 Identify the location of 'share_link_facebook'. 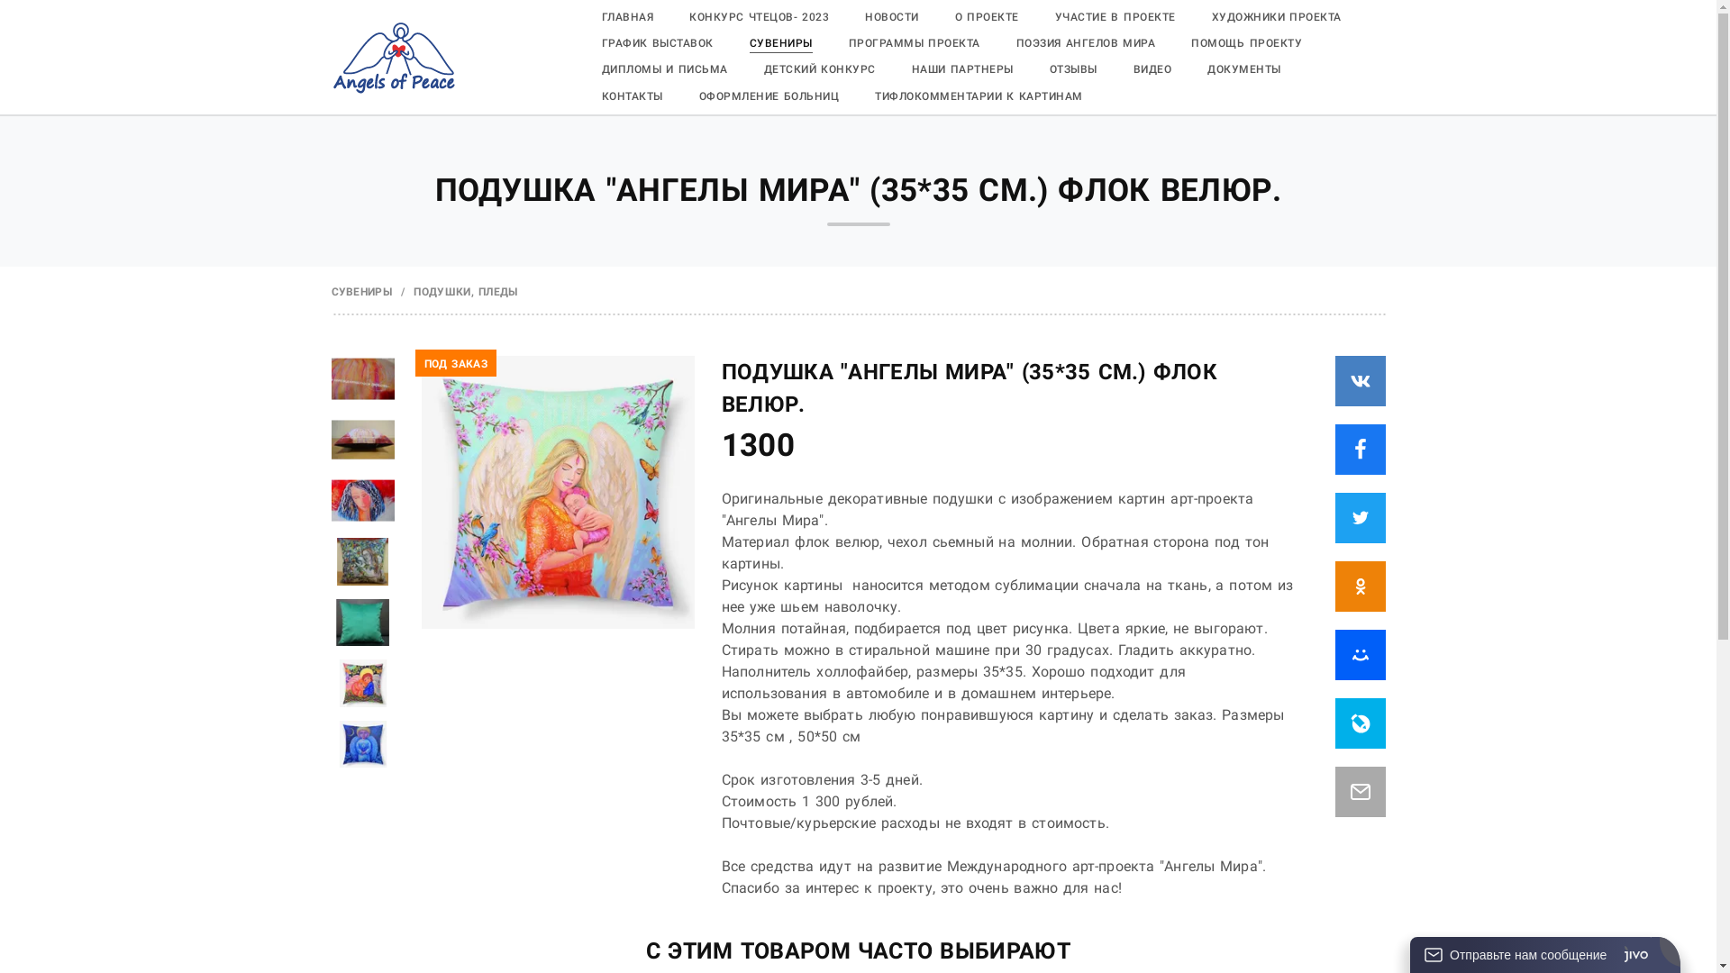
(1361, 448).